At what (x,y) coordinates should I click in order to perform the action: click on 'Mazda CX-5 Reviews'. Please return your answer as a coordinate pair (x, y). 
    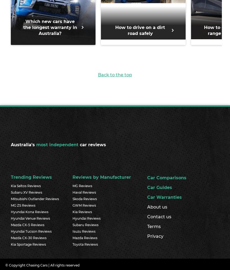
    Looking at the image, I should click on (27, 225).